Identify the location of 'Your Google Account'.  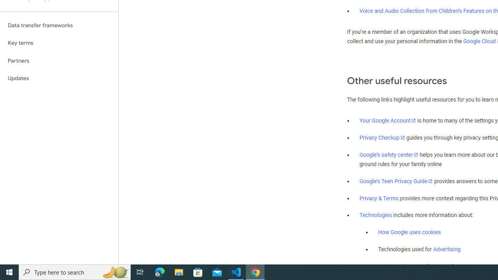
(388, 120).